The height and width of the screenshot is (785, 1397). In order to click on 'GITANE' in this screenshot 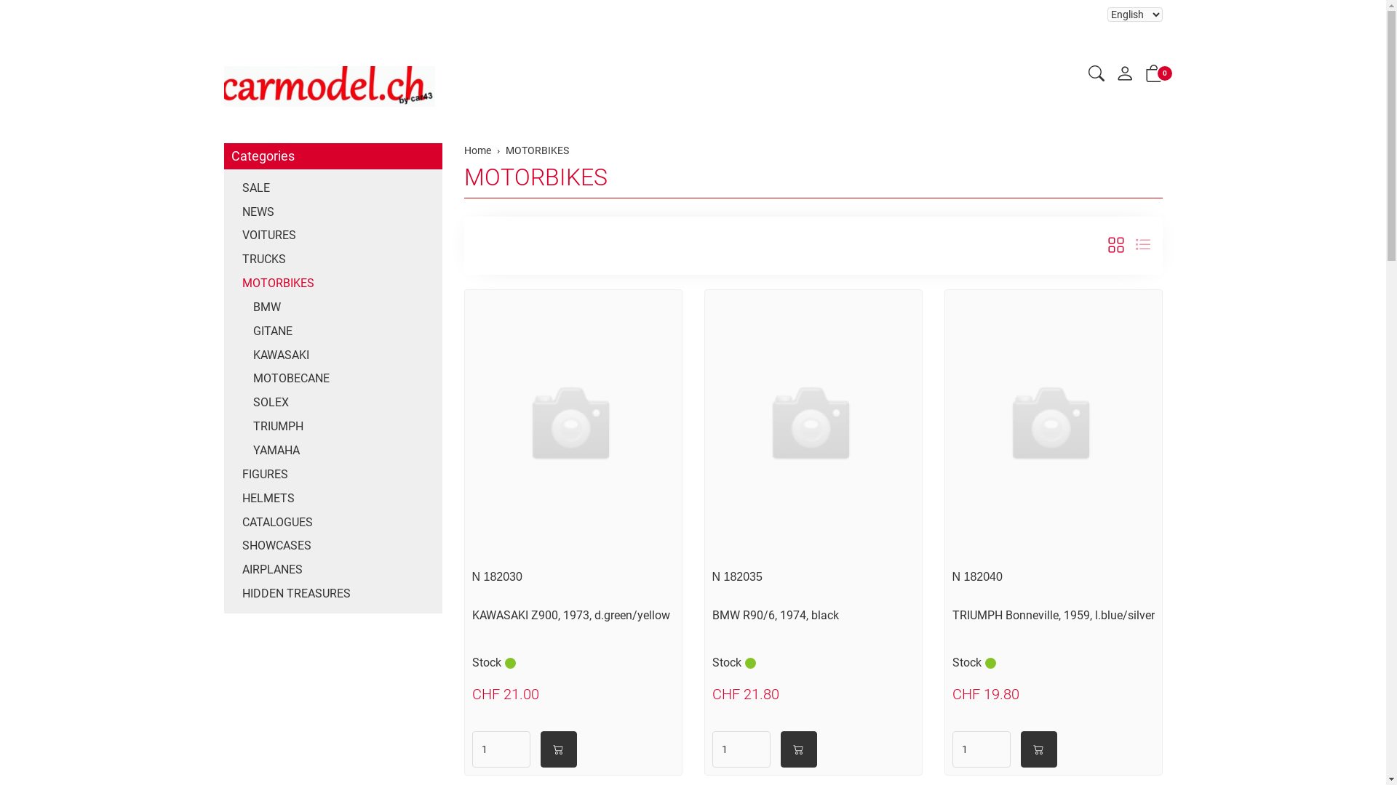, I will do `click(230, 331)`.